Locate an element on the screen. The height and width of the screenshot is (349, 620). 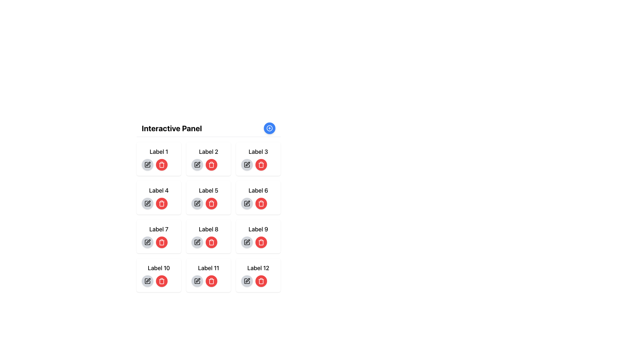
the pen or pencil icon button located in the bottom-left corner of the 'Interactive Panel' under the 'Label 10' header is located at coordinates (147, 281).